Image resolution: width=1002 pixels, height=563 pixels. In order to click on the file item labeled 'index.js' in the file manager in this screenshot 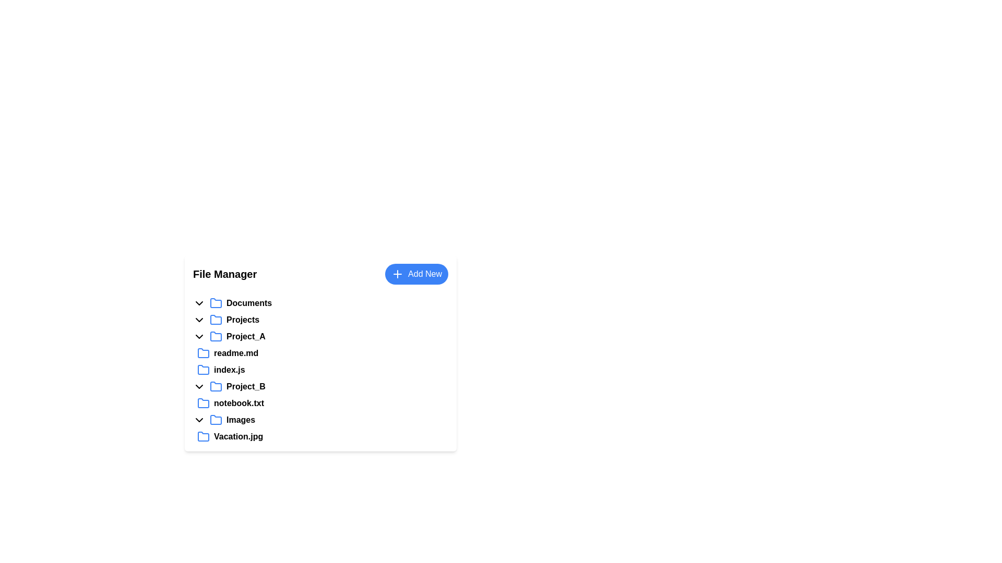, I will do `click(320, 369)`.